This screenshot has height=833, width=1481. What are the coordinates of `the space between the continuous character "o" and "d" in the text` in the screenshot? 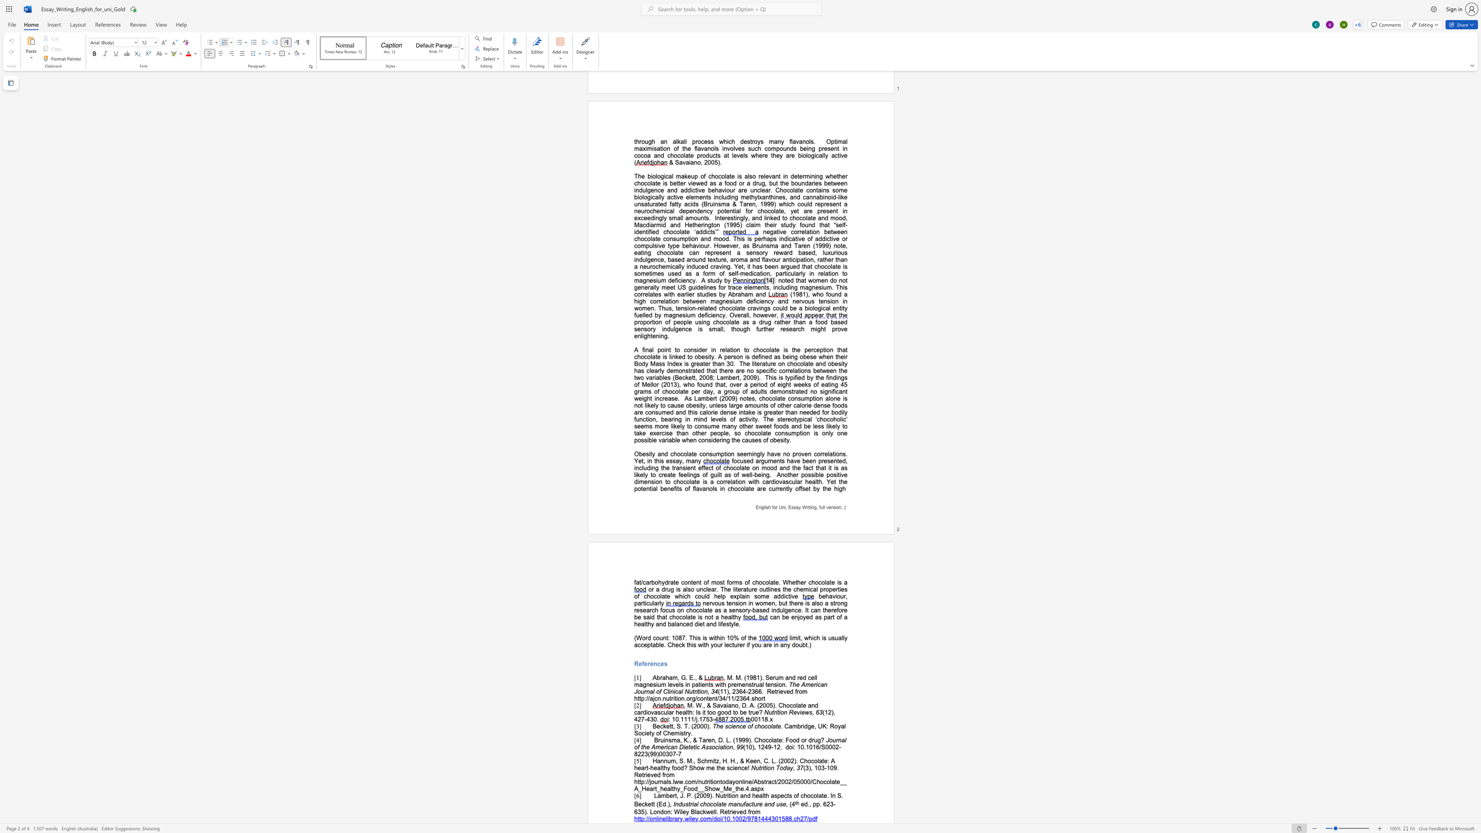 It's located at (782, 767).